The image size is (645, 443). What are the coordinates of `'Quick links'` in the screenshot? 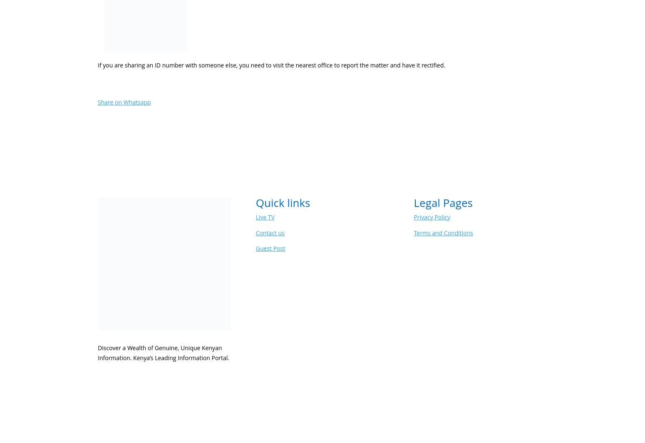 It's located at (282, 202).